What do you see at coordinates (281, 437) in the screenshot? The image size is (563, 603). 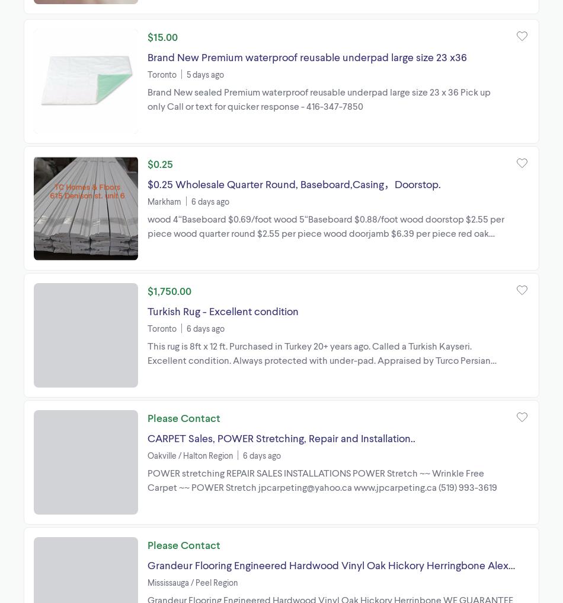 I see `'CARPET Sales, POWER Stretching, Repair and Installation..'` at bounding box center [281, 437].